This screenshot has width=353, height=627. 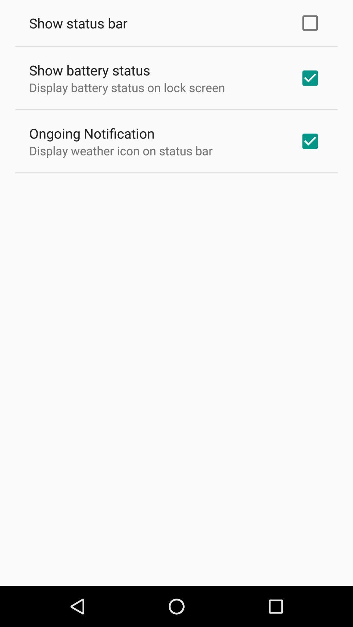 What do you see at coordinates (92, 133) in the screenshot?
I see `the ongoing notification item` at bounding box center [92, 133].